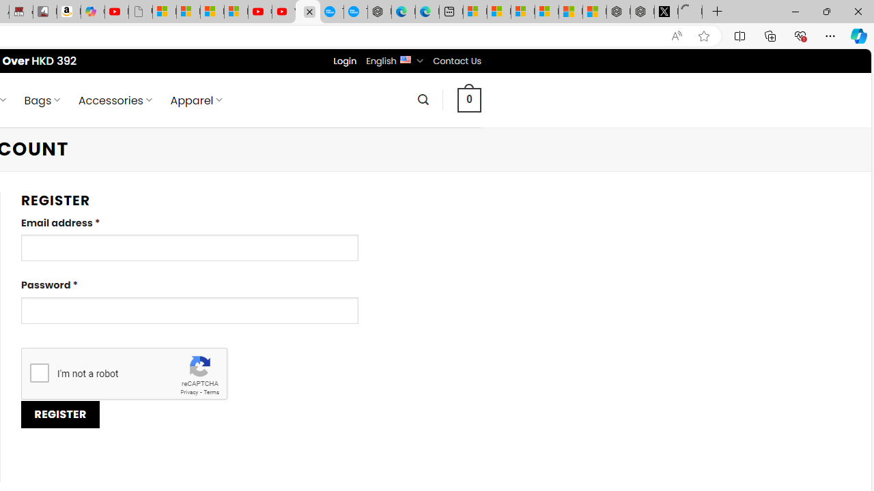 This screenshot has height=491, width=874. What do you see at coordinates (188, 392) in the screenshot?
I see `'Privacy'` at bounding box center [188, 392].